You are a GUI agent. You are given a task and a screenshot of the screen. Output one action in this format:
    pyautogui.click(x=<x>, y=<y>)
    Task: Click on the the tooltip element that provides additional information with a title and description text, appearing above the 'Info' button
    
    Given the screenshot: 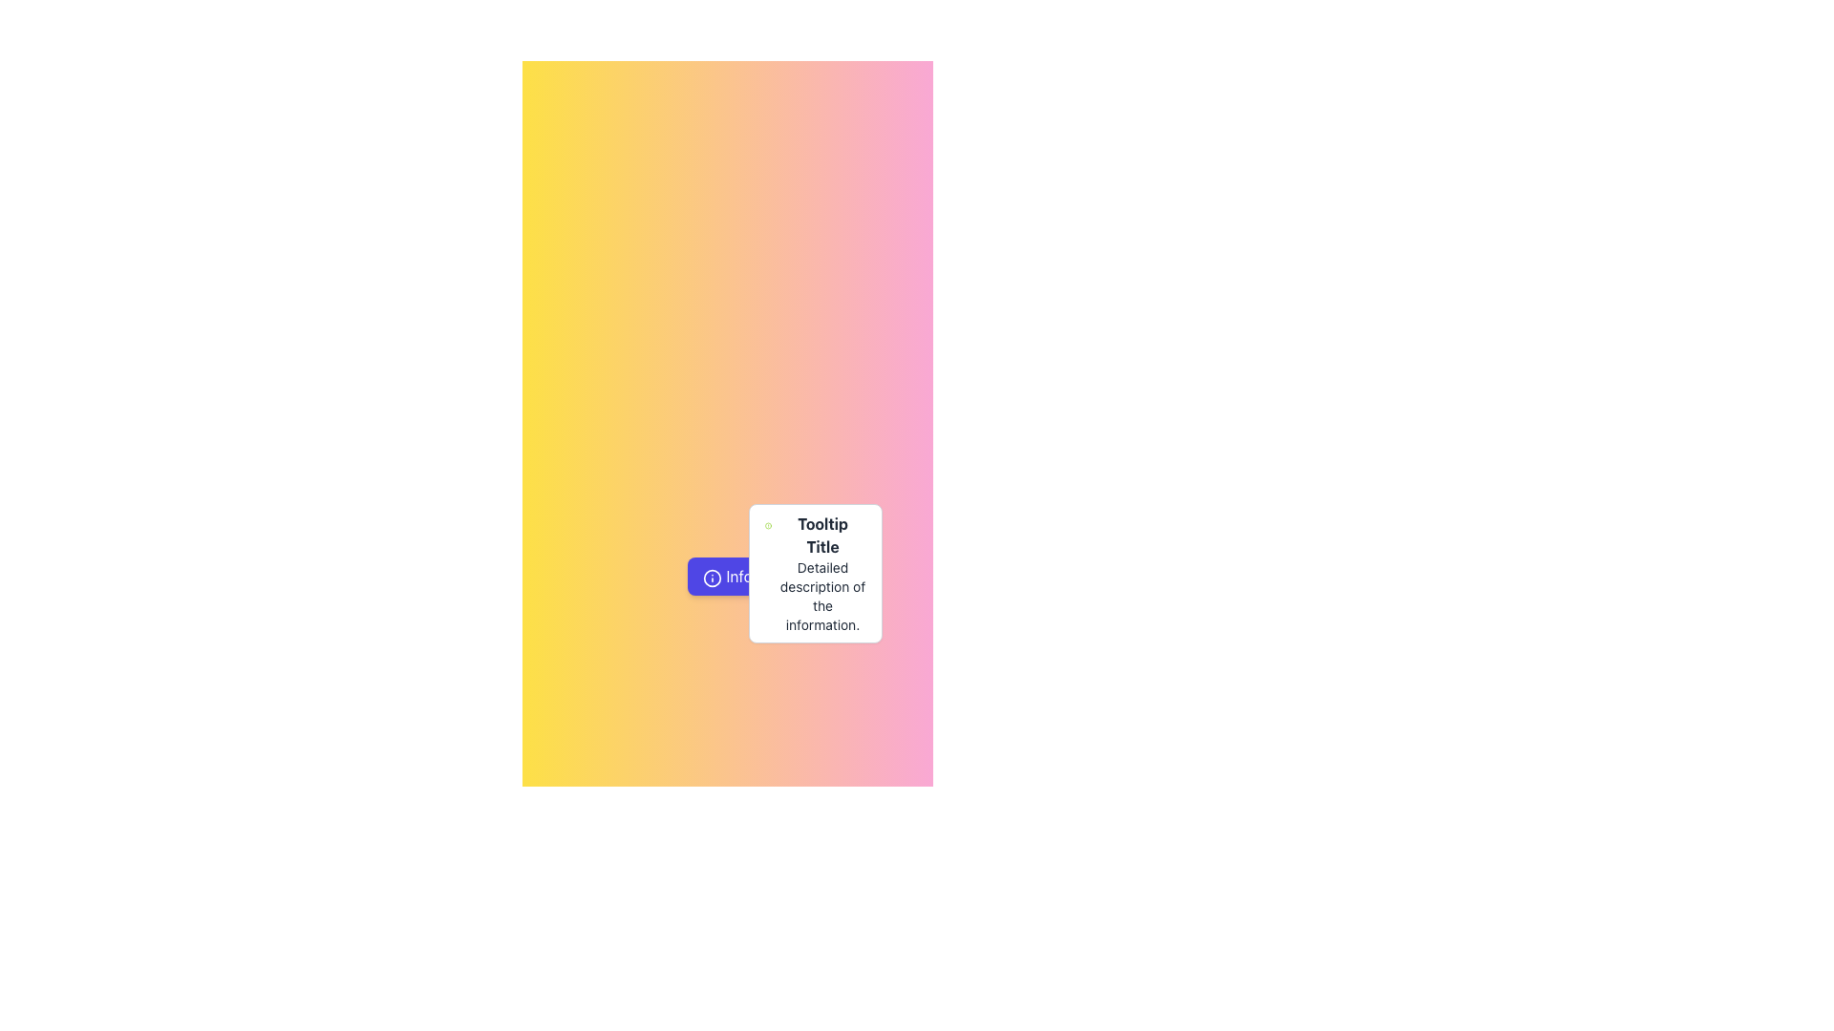 What is the action you would take?
    pyautogui.click(x=816, y=573)
    